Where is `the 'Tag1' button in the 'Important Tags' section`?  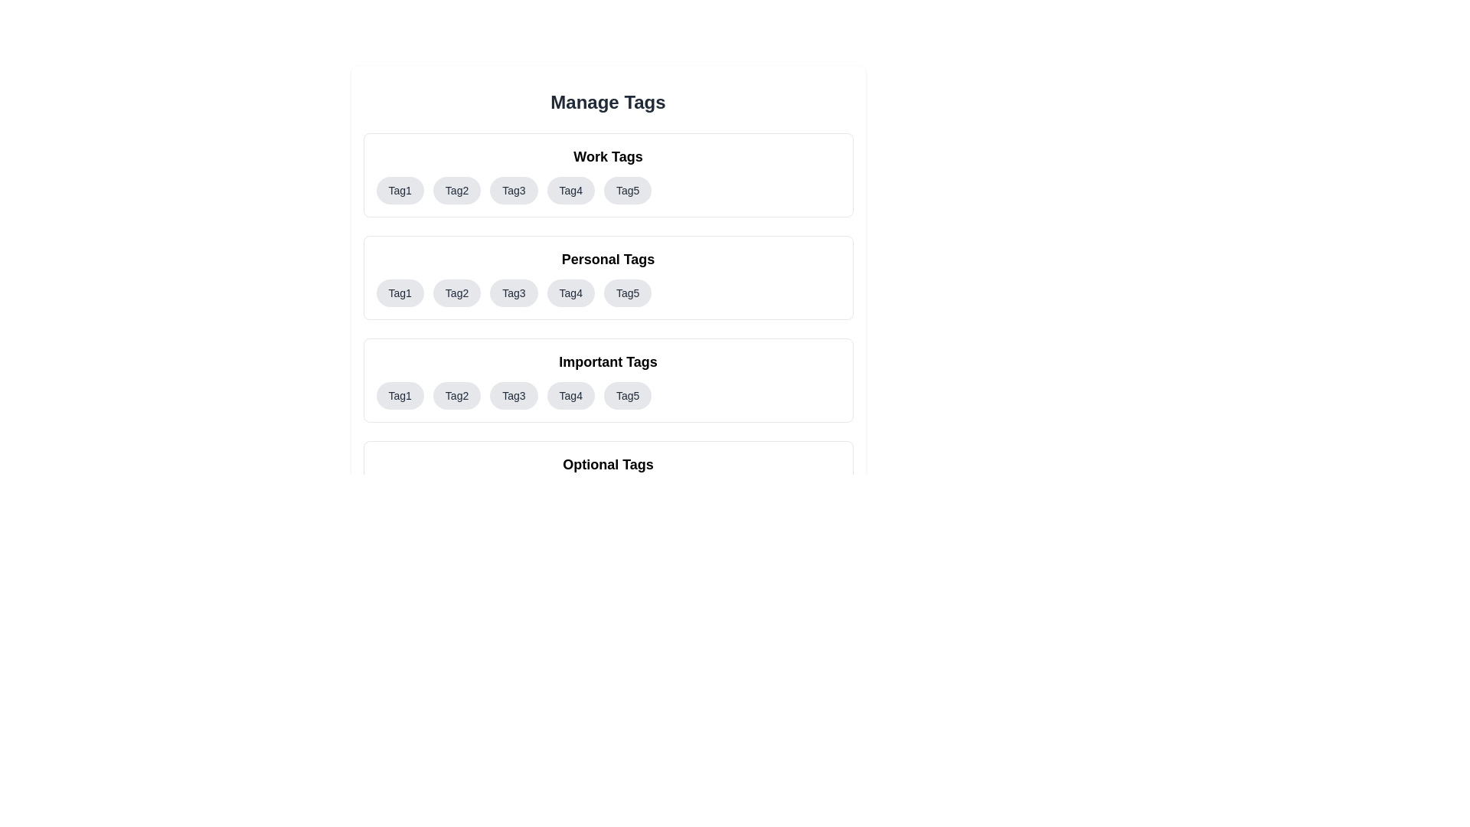
the 'Tag1' button in the 'Important Tags' section is located at coordinates (400, 394).